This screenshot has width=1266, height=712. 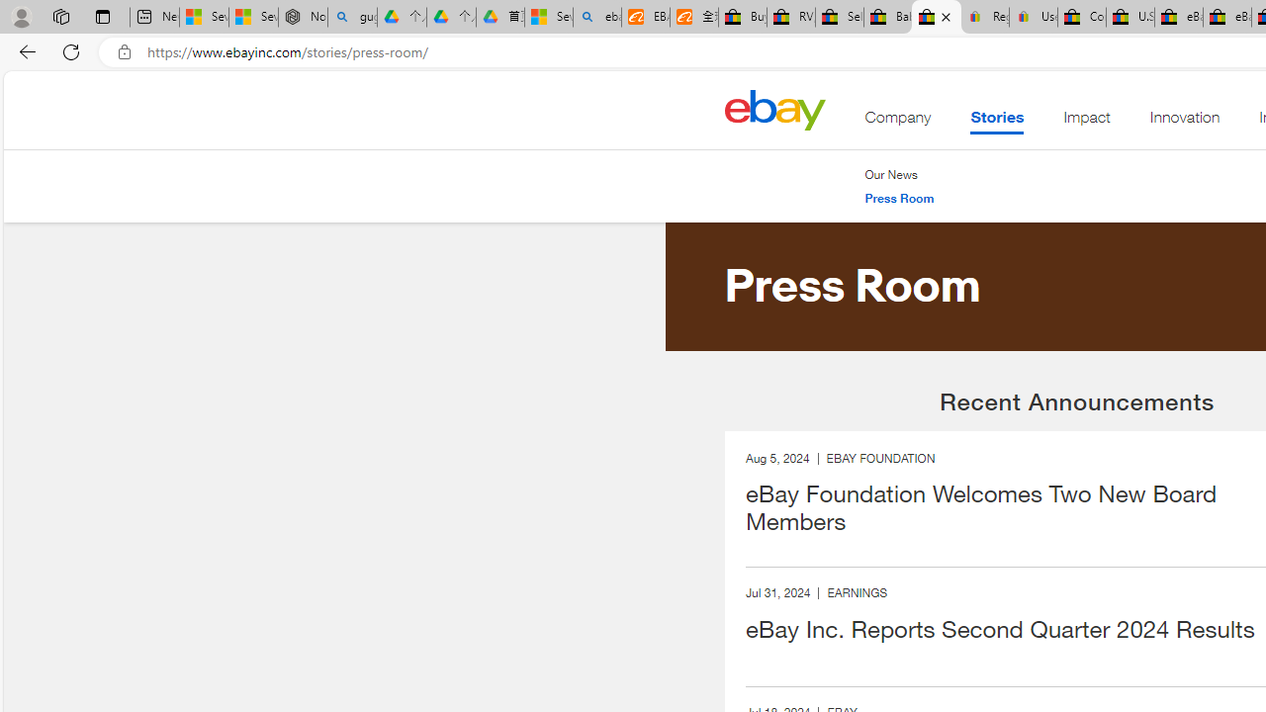 What do you see at coordinates (60, 16) in the screenshot?
I see `'Workspaces'` at bounding box center [60, 16].